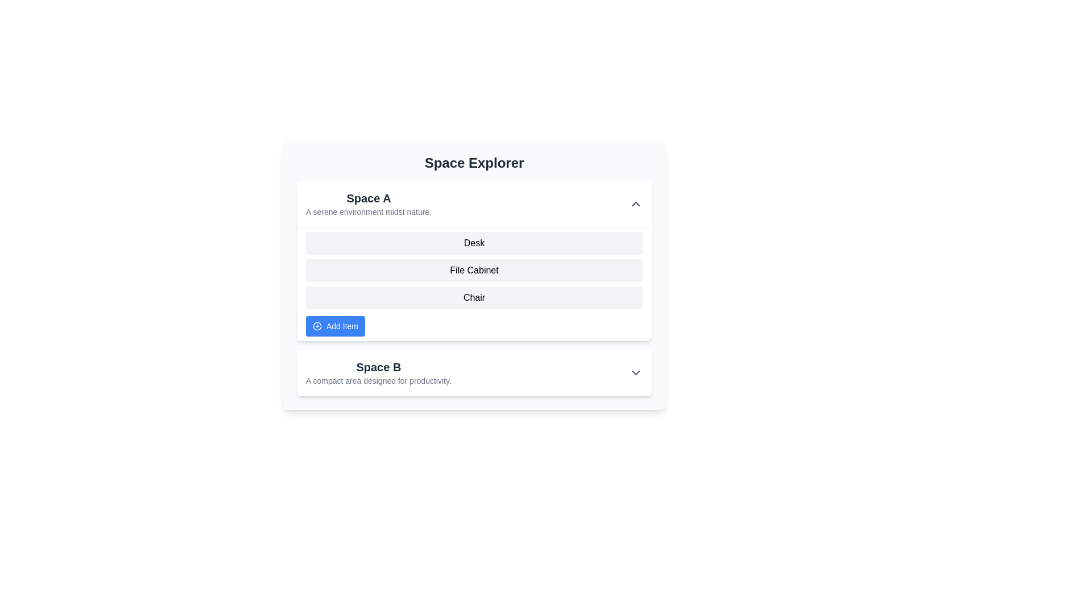 This screenshot has width=1092, height=614. What do you see at coordinates (474, 243) in the screenshot?
I see `the first selectable component labeled 'Desk', which is a rectangular light gray button with rounded corners and bold black text` at bounding box center [474, 243].